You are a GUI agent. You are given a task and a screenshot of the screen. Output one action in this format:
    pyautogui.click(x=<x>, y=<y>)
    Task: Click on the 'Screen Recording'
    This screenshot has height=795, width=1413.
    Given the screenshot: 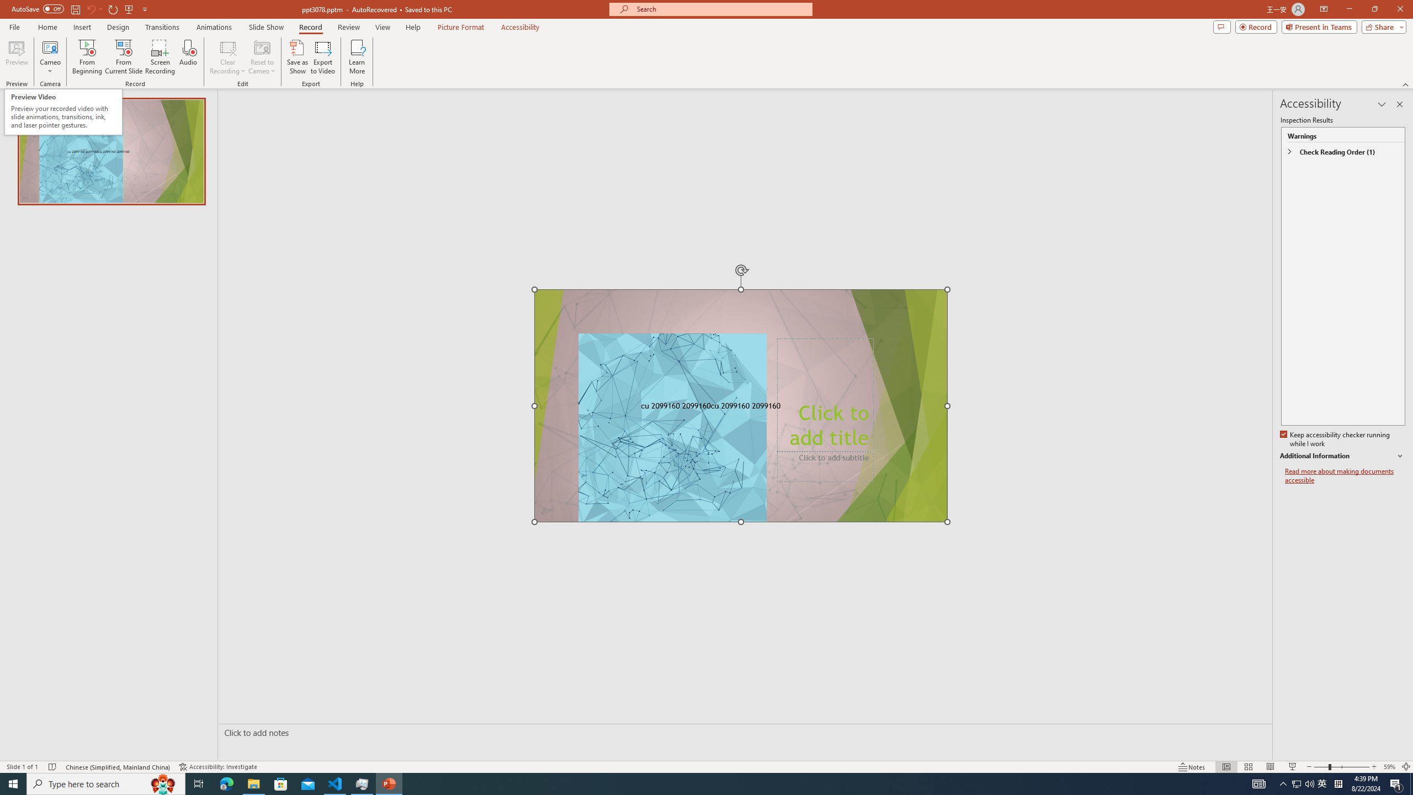 What is the action you would take?
    pyautogui.click(x=160, y=57)
    